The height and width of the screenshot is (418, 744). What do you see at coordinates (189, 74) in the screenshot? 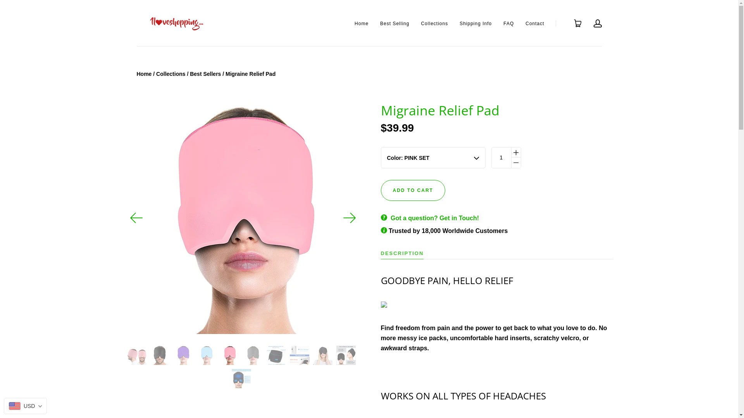
I see `'Best Sellers'` at bounding box center [189, 74].